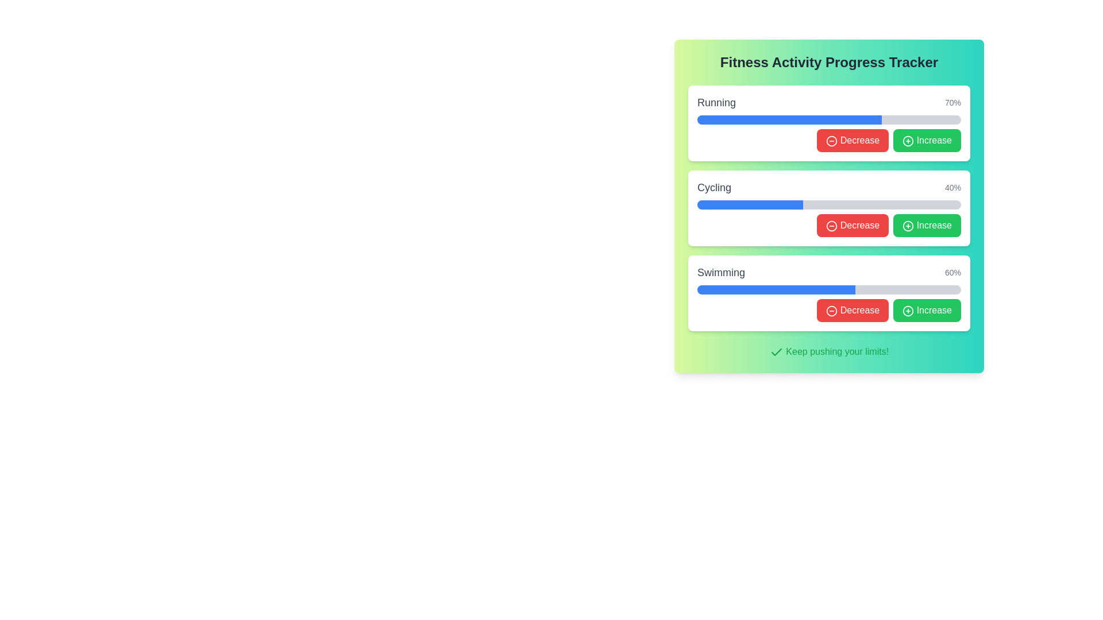  I want to click on the decorative or functional icon for the 'Increase' button associated with the 'Running' progress tracker, so click(908, 140).